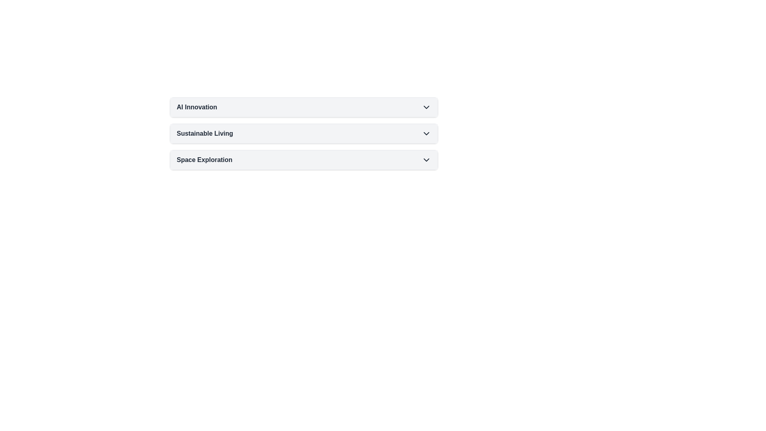  I want to click on the Dropdown Indicator located at the far-right side of the 'AI Innovation' section, so click(426, 107).